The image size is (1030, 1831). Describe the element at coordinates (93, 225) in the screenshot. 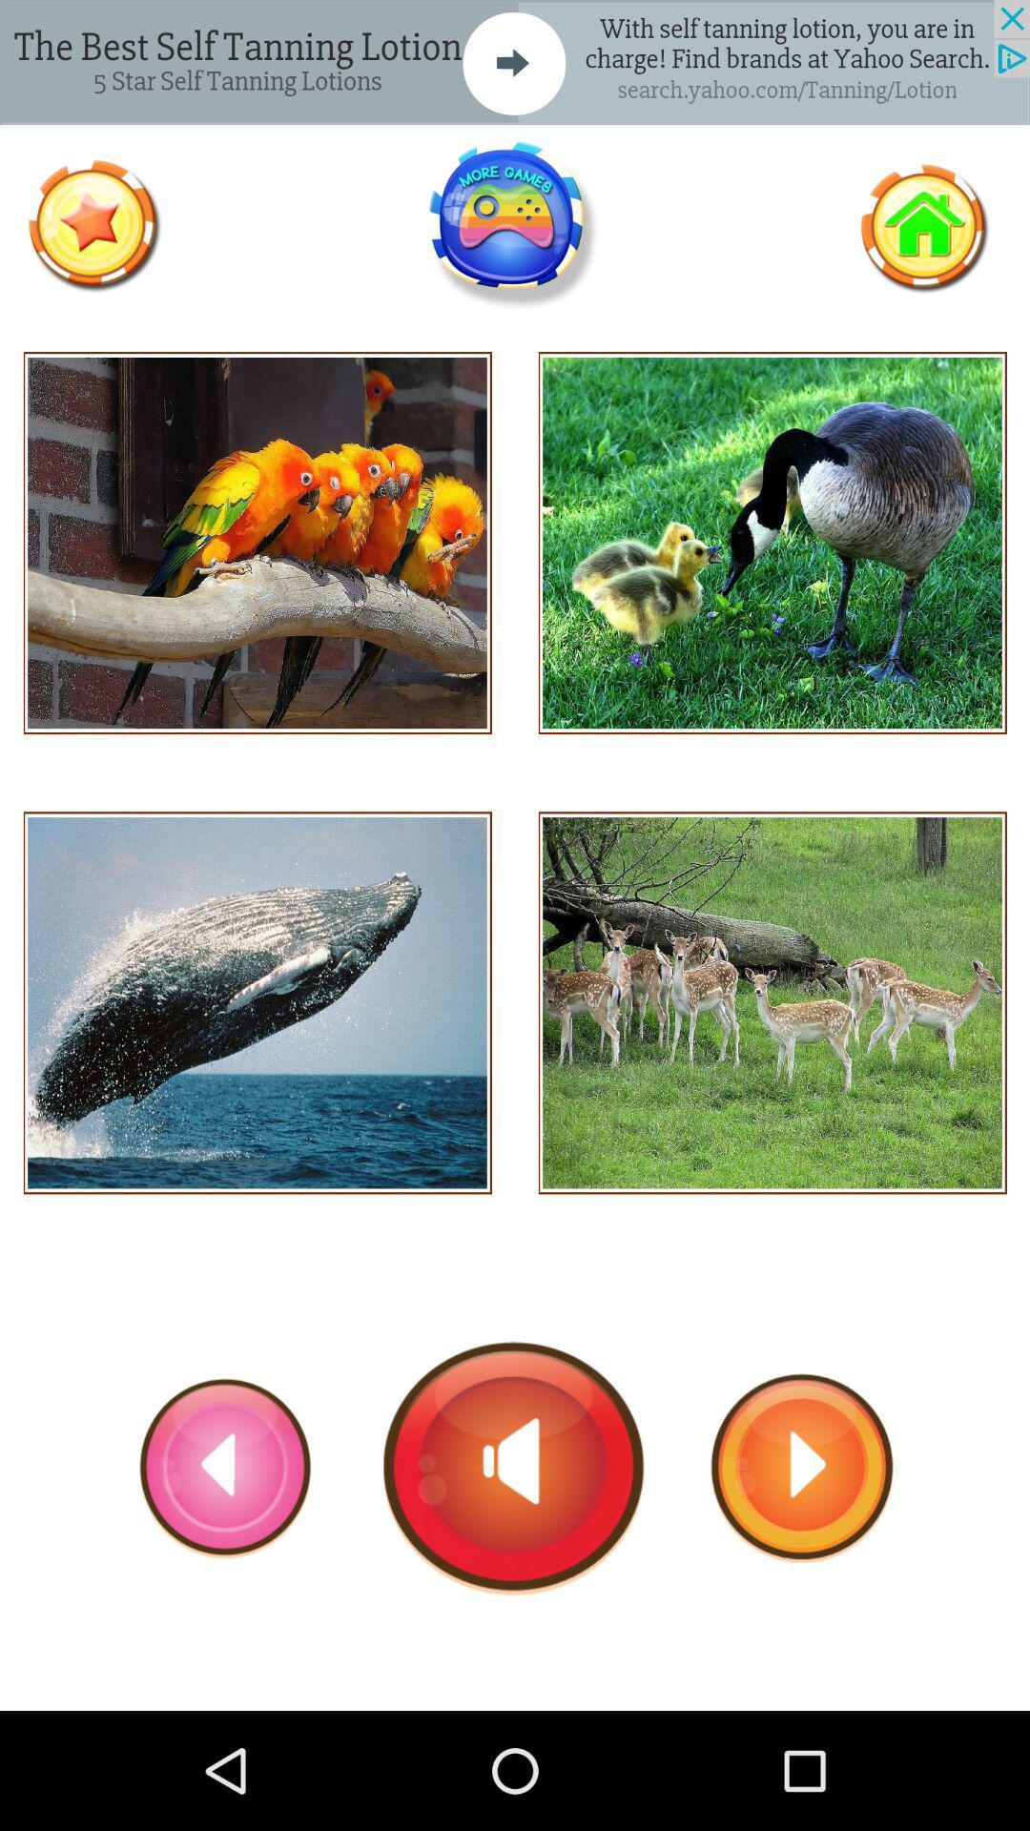

I see `like page` at that location.